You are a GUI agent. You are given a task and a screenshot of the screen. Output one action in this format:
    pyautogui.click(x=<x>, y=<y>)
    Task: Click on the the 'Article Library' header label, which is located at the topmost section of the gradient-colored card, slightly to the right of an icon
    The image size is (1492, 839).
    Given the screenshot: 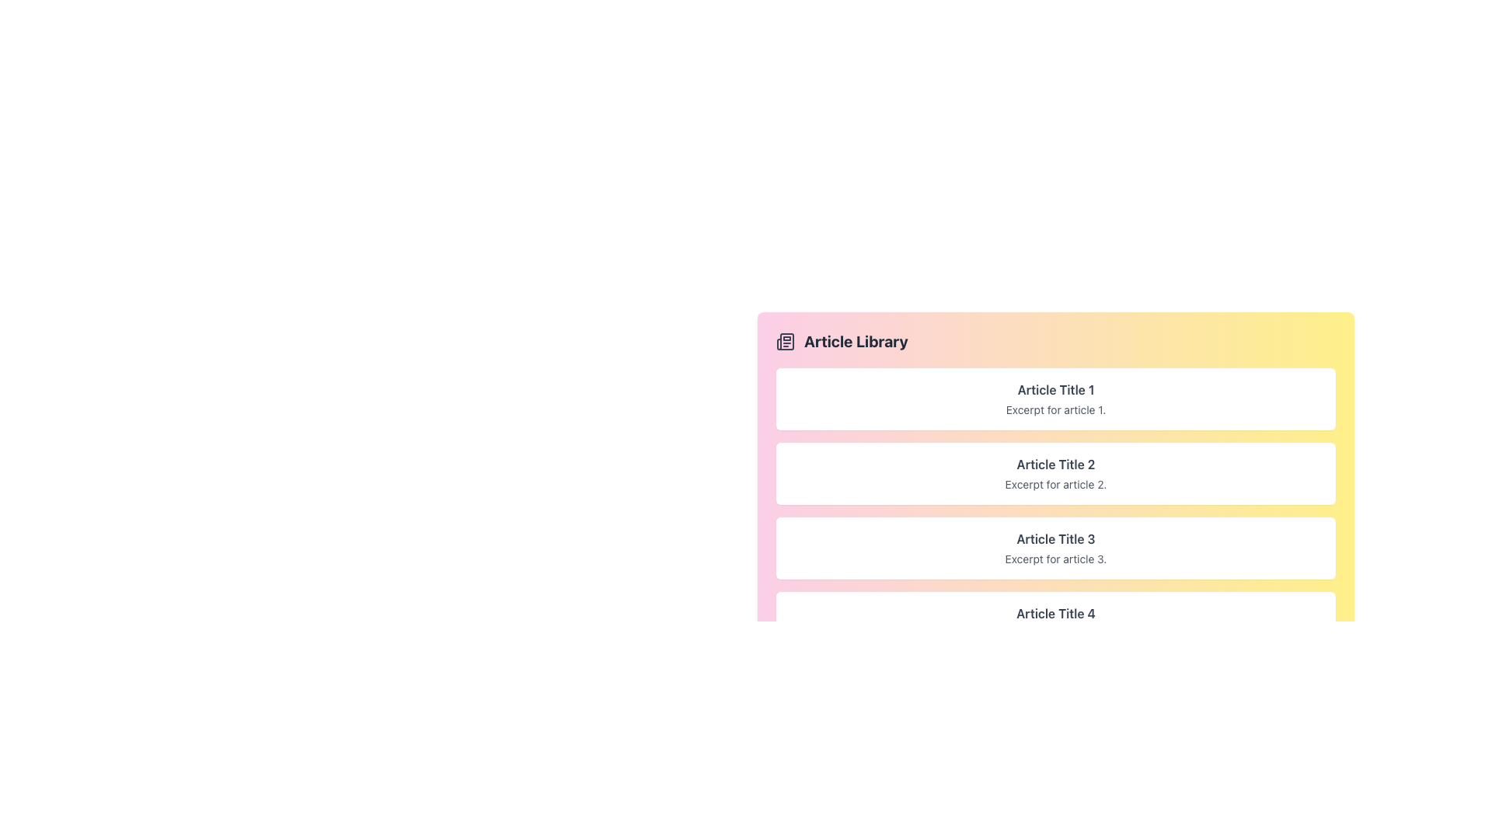 What is the action you would take?
    pyautogui.click(x=855, y=340)
    